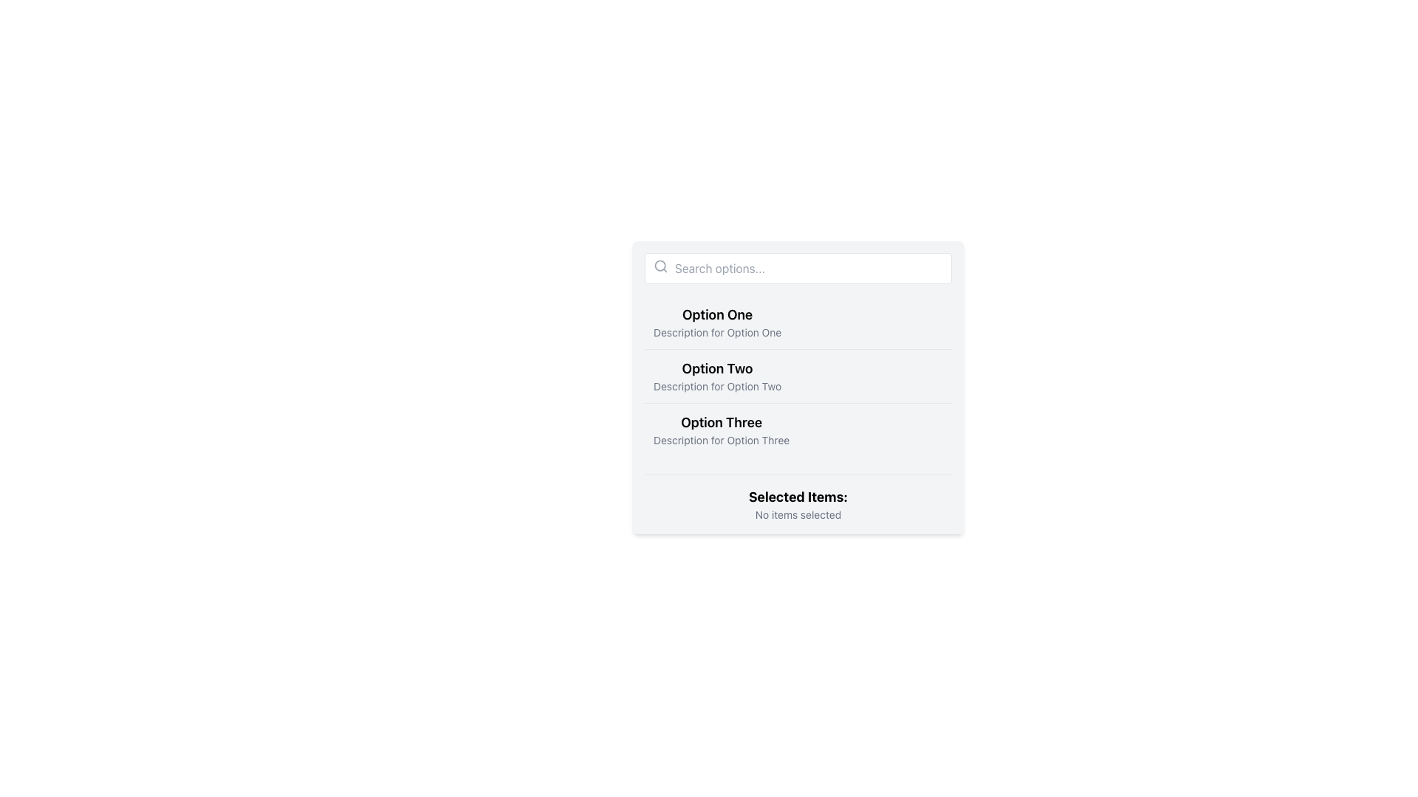  I want to click on the static text label that serves as the title for the first option in the list, positioned above the description text 'Description for Option One', so click(717, 314).